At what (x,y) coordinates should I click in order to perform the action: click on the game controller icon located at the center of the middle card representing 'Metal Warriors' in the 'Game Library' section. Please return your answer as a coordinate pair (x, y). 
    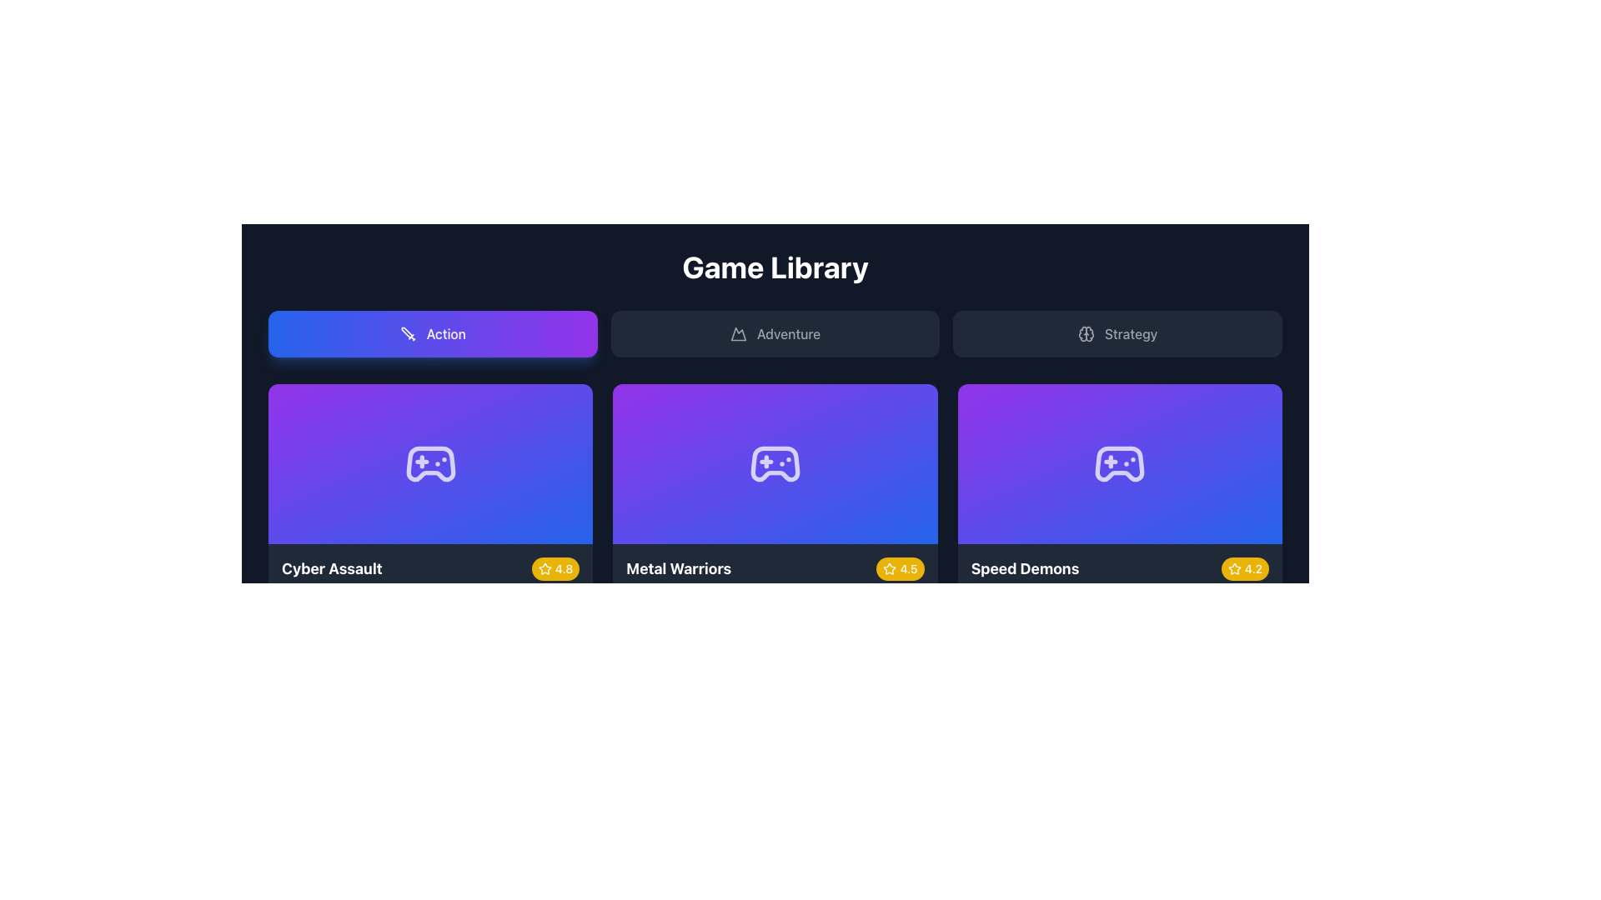
    Looking at the image, I should click on (775, 463).